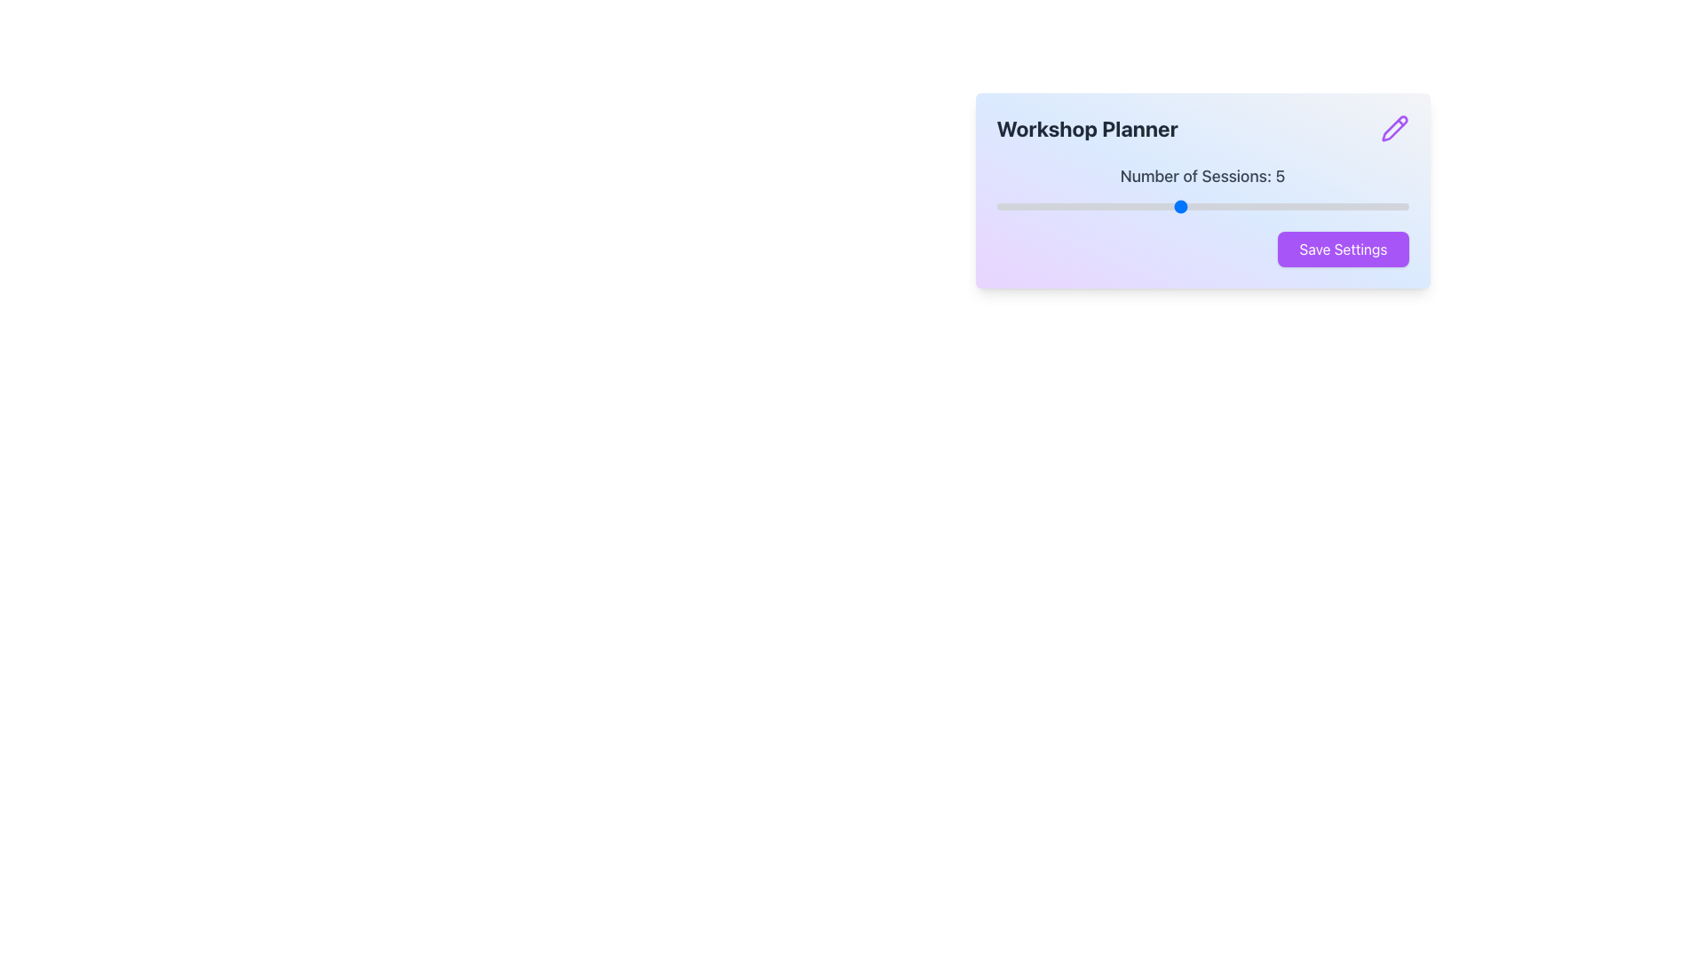 Image resolution: width=1705 pixels, height=959 pixels. What do you see at coordinates (1393, 128) in the screenshot?
I see `the edit icon located in the top-right corner of the light blue 'Workshop Planner' content box` at bounding box center [1393, 128].